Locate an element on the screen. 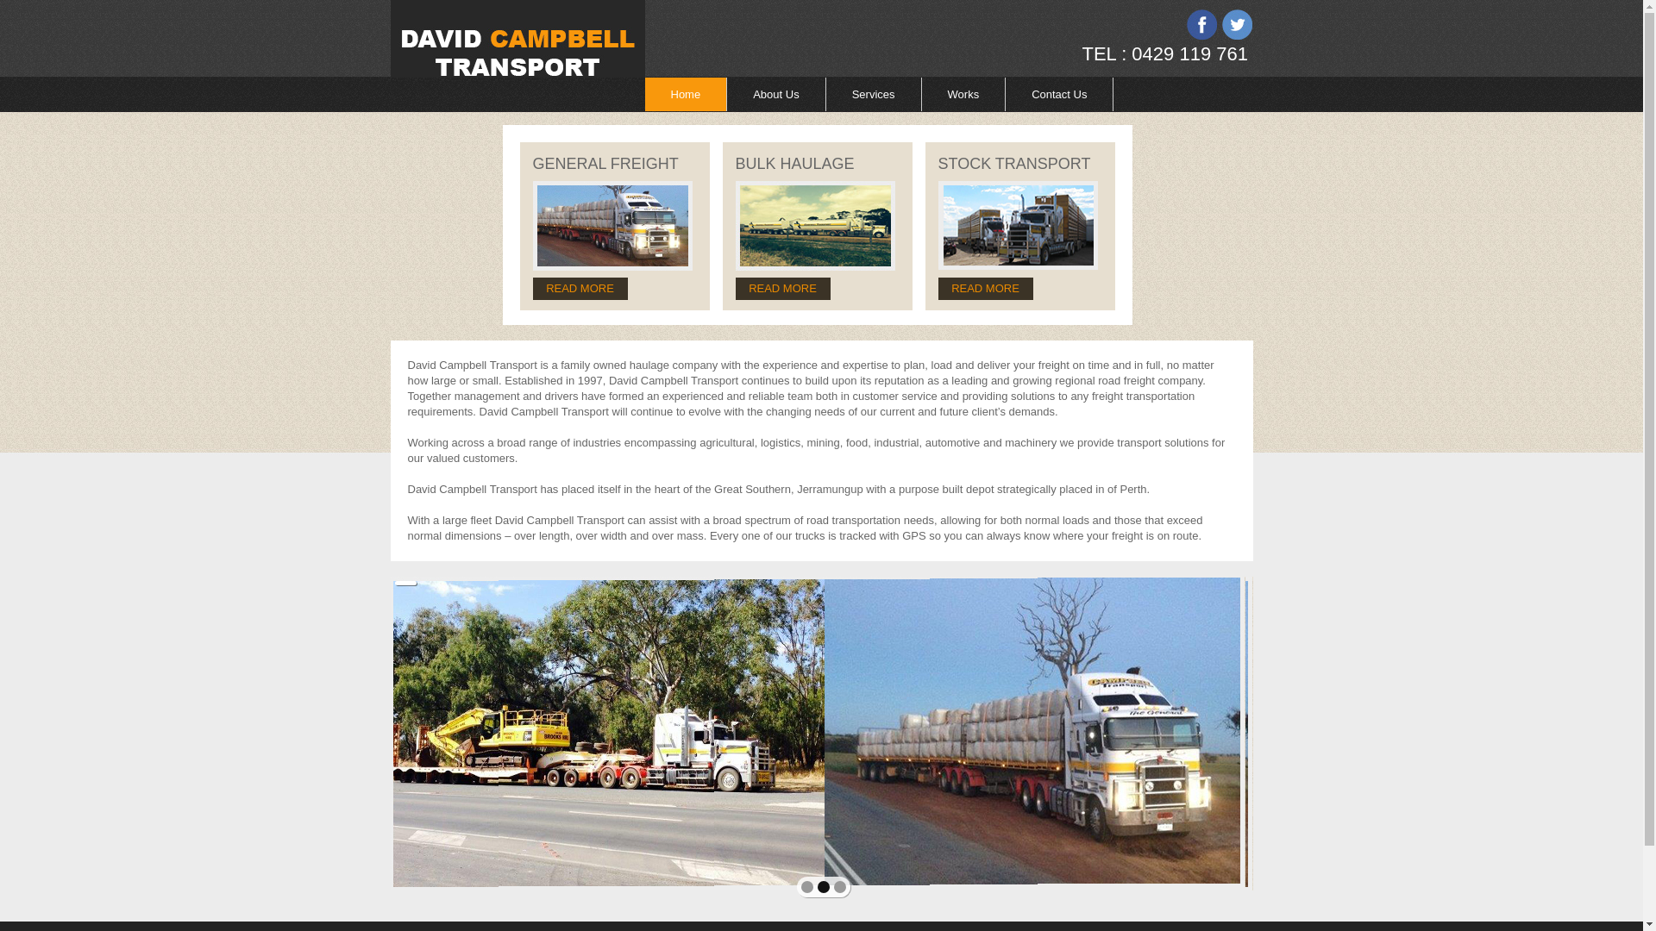 Image resolution: width=1656 pixels, height=931 pixels. 'GENERAL FREIGHT' is located at coordinates (605, 163).